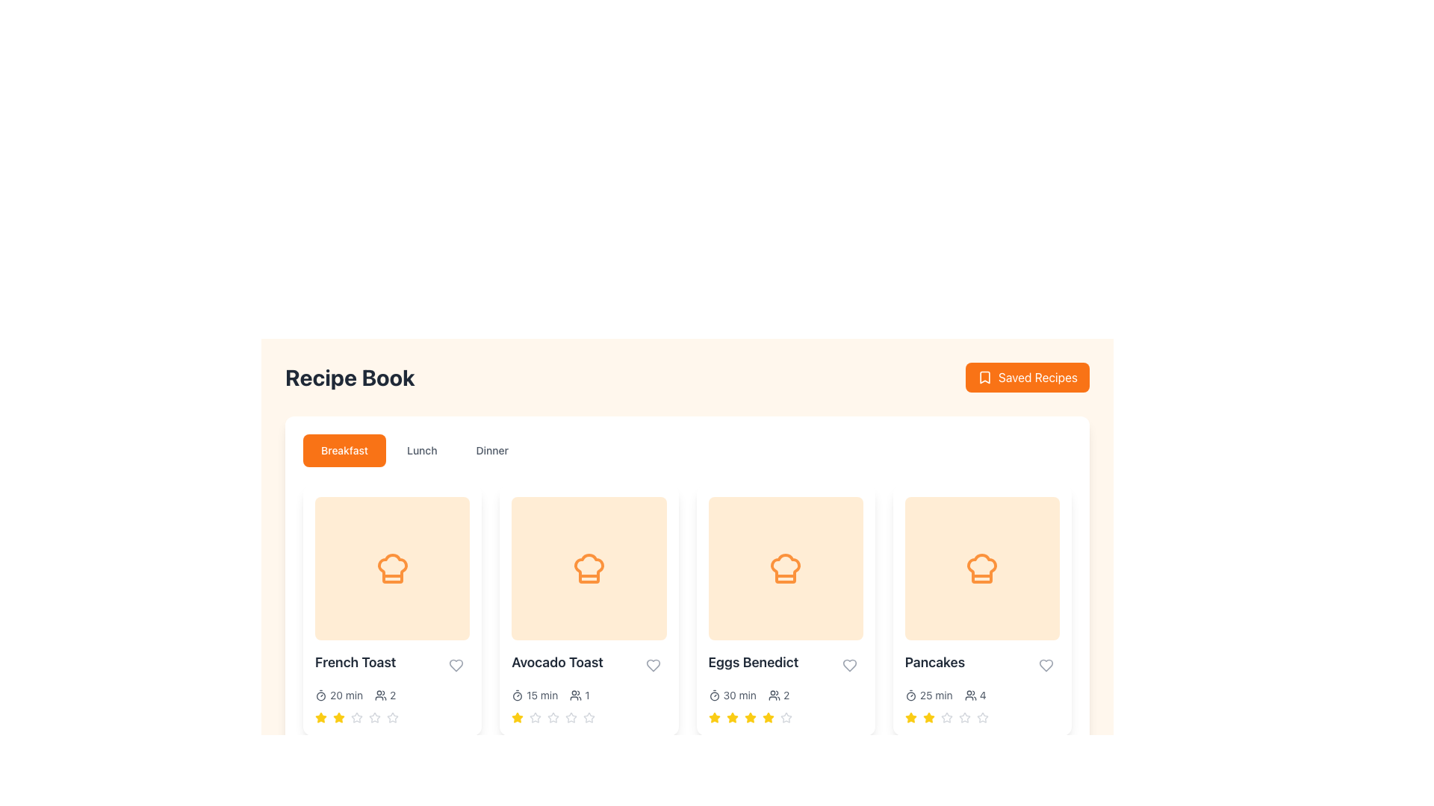 This screenshot has width=1434, height=806. Describe the element at coordinates (535, 696) in the screenshot. I see `the text '15 min' with the timer icon located in the 'Avocado Toast' card in the 'Breakfast' section of the 'Recipe Book' page` at that location.